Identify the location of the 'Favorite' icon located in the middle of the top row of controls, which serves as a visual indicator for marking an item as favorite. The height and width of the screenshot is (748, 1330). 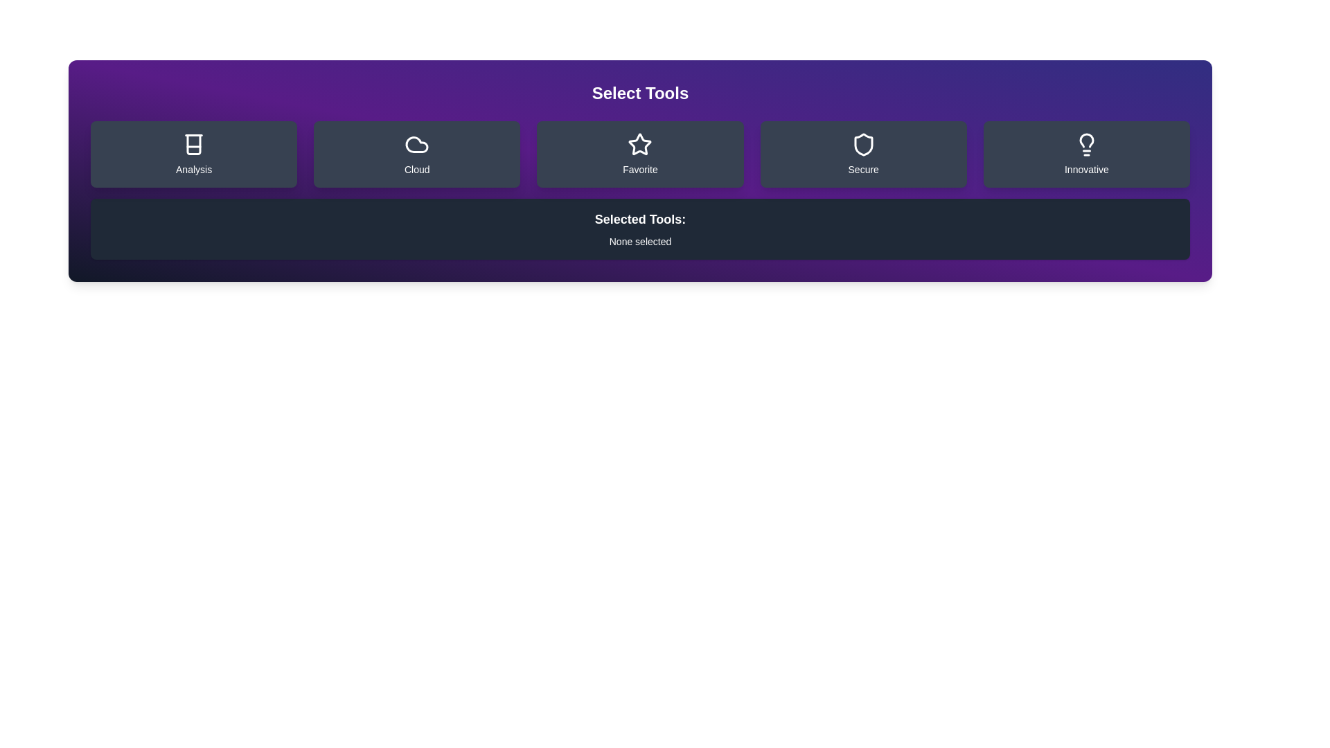
(639, 144).